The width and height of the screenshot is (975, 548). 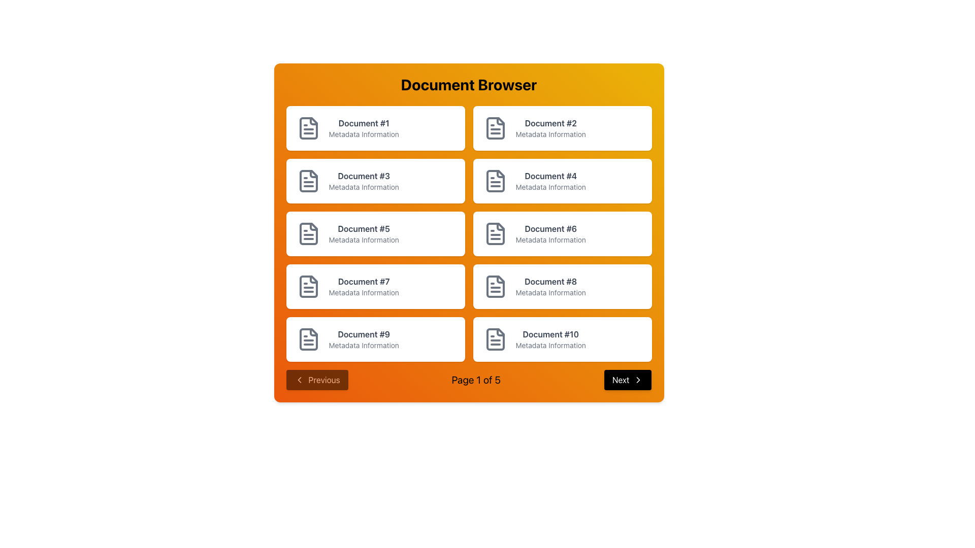 What do you see at coordinates (313, 121) in the screenshot?
I see `the small graphic icon depicting a document located to the left of the text 'Document #1' in the first column and first row of the document list` at bounding box center [313, 121].